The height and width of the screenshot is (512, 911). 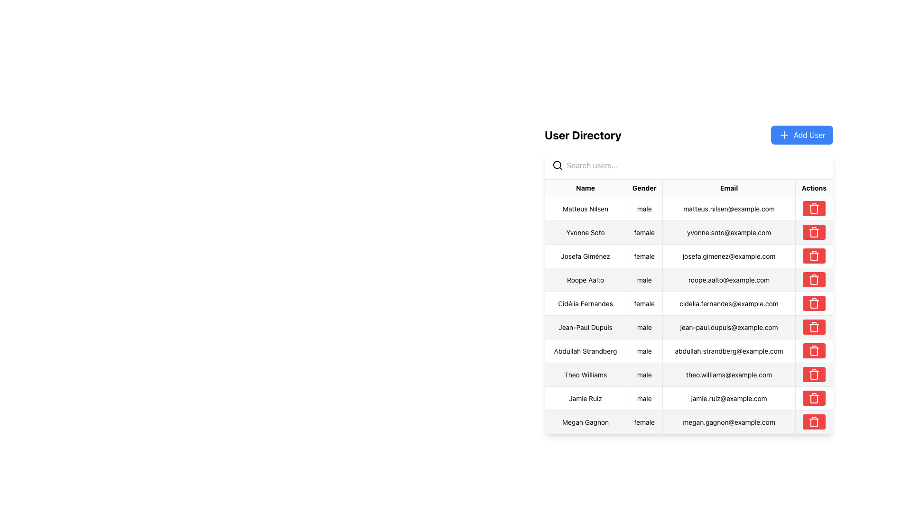 I want to click on the static text element displaying a person's name, located in the first cell of the last row of the table under the 'Name' column, so click(x=585, y=421).